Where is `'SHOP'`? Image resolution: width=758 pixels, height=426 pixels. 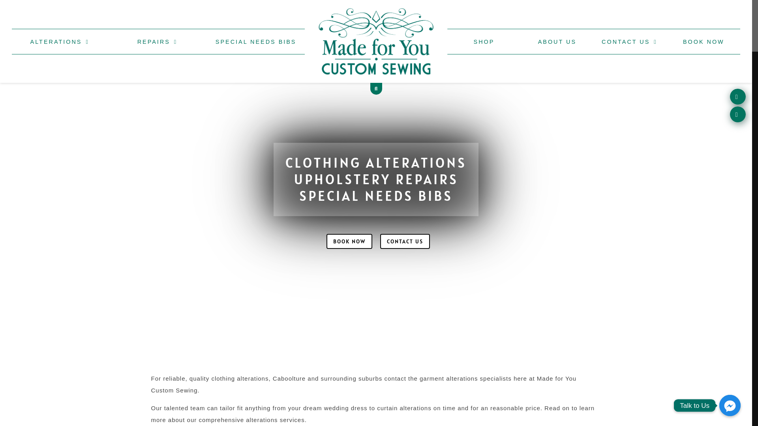
'SHOP' is located at coordinates (483, 41).